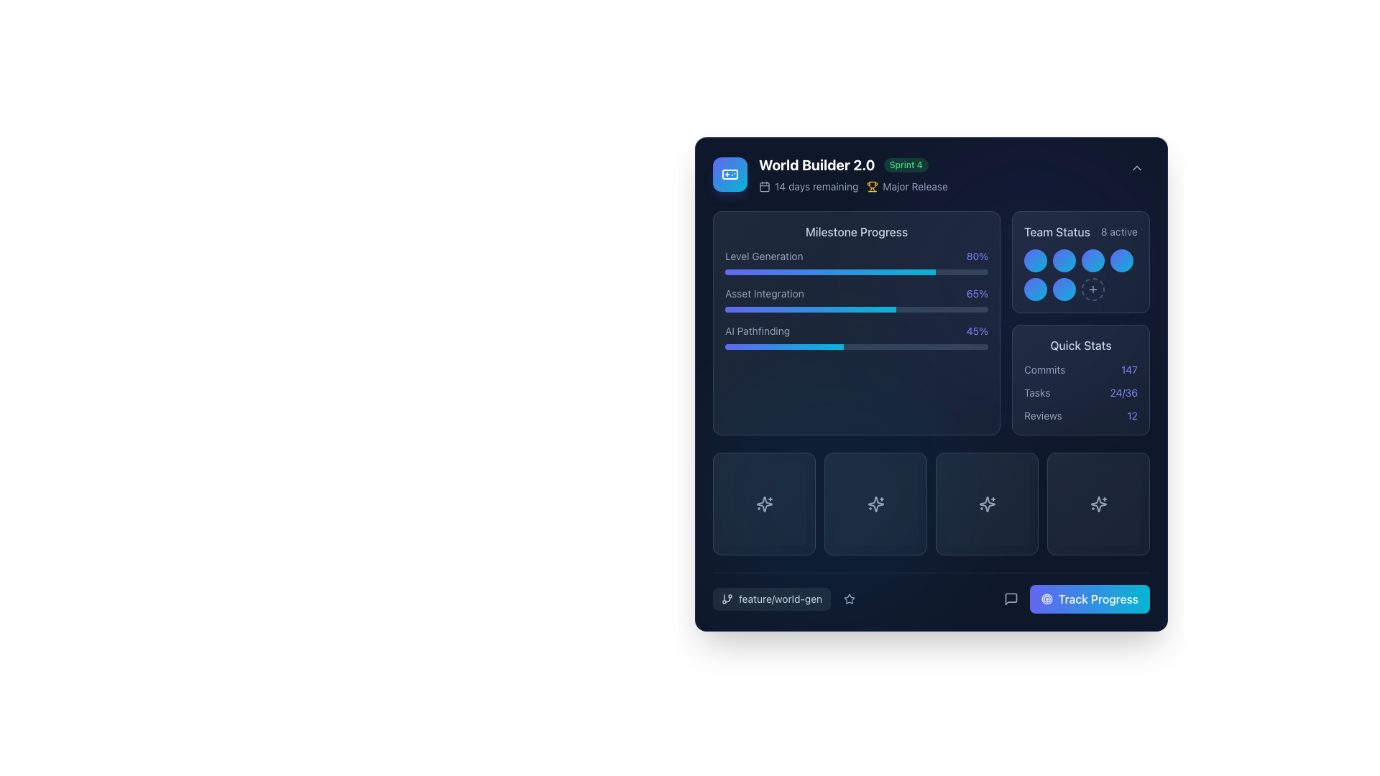 Image resolution: width=1380 pixels, height=776 pixels. I want to click on the decorative circle in the 'Team Status' section, which is the second circular button with a gradient background transitioning from indigo to cyan, so click(1064, 260).